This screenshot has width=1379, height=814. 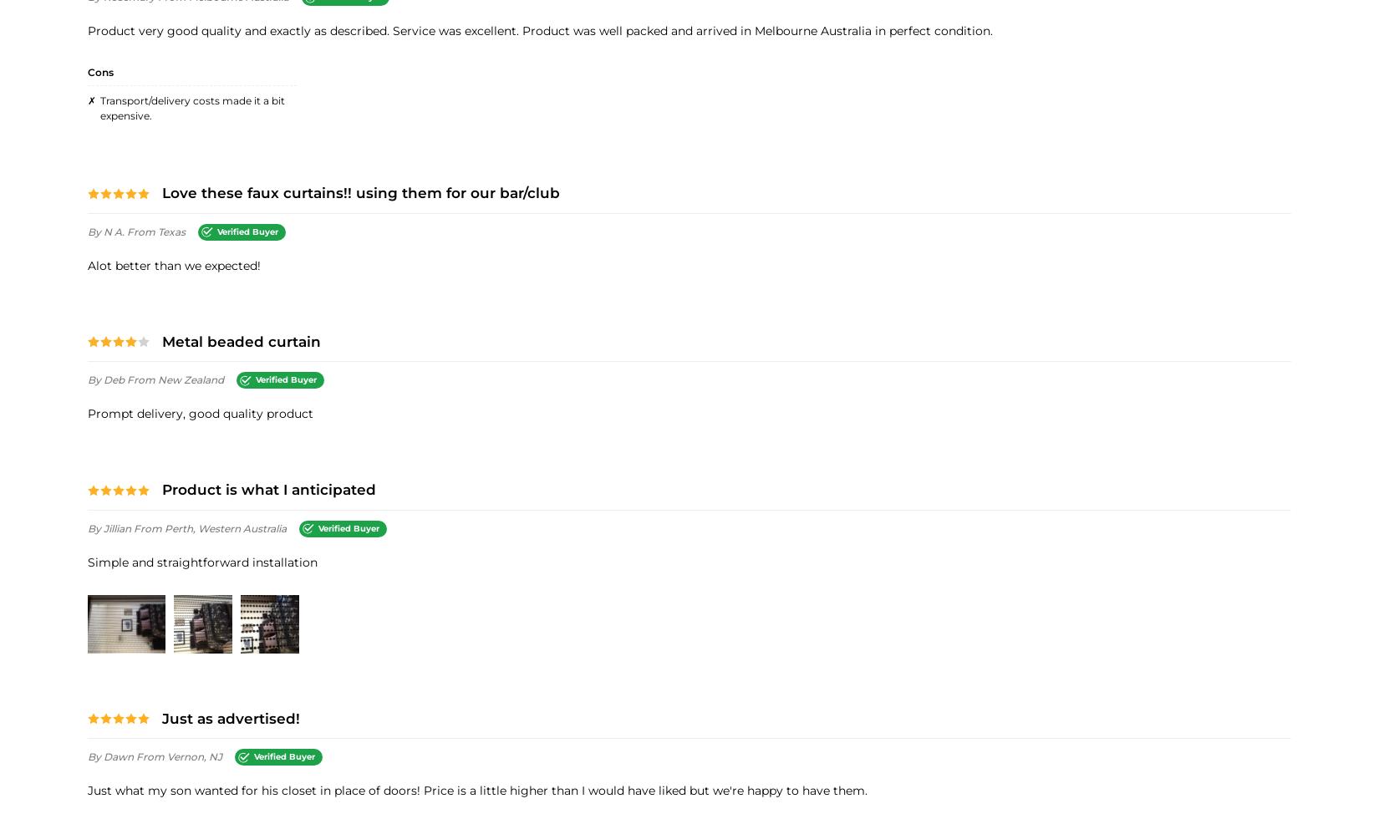 What do you see at coordinates (162, 717) in the screenshot?
I see `'Just as advertised!'` at bounding box center [162, 717].